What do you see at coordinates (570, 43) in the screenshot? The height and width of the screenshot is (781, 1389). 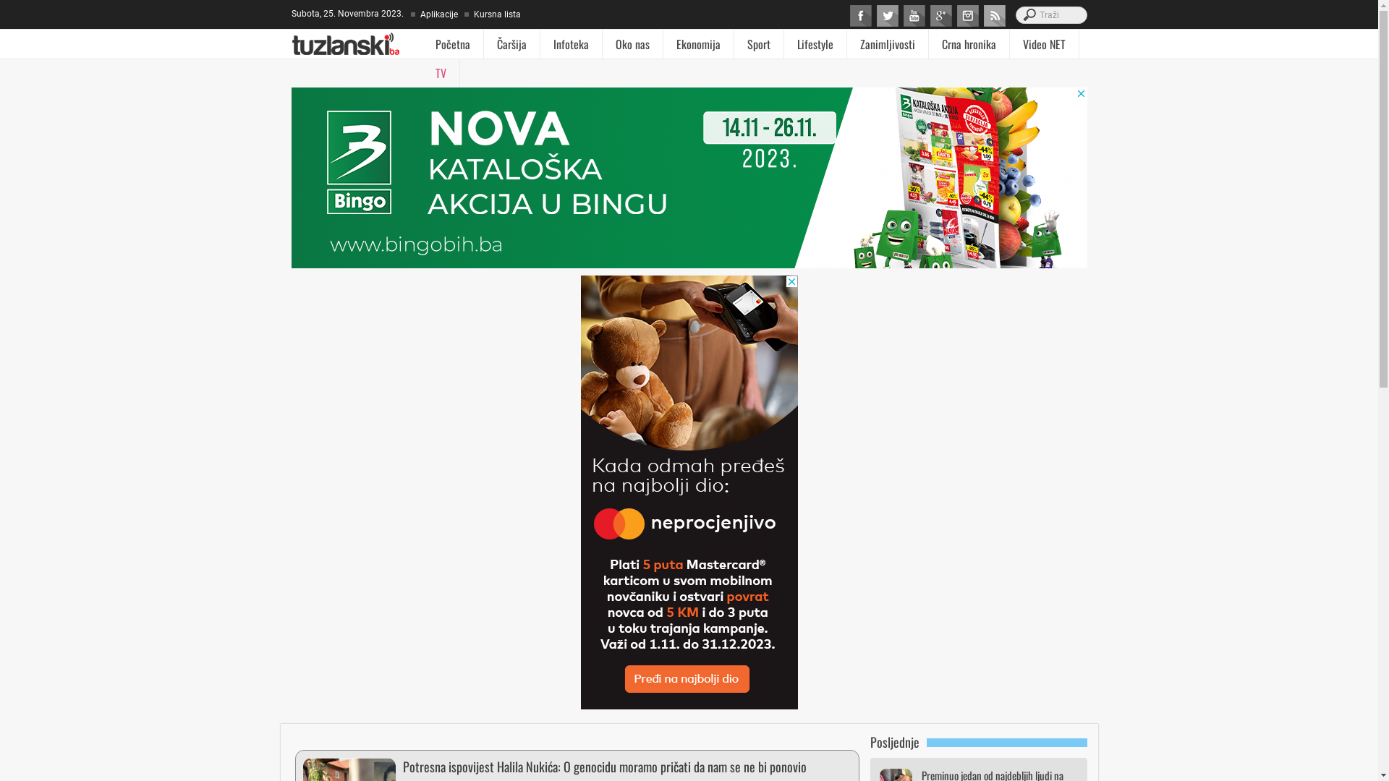 I see `'Infoteka'` at bounding box center [570, 43].